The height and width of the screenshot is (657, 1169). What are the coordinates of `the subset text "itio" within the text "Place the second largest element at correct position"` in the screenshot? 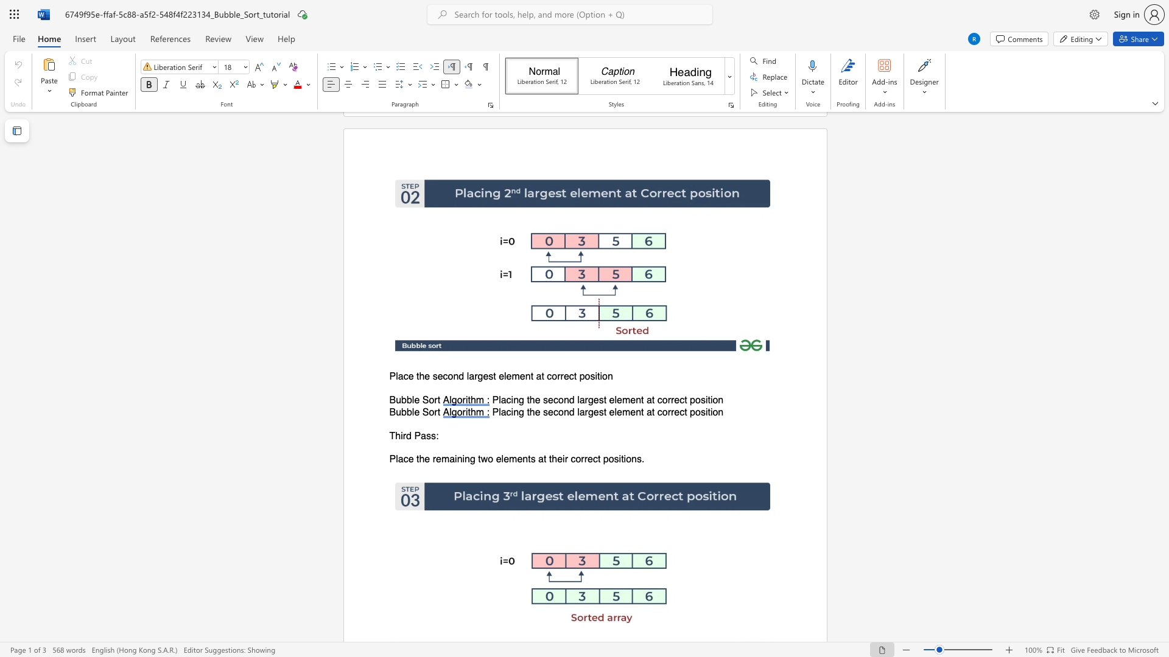 It's located at (595, 376).